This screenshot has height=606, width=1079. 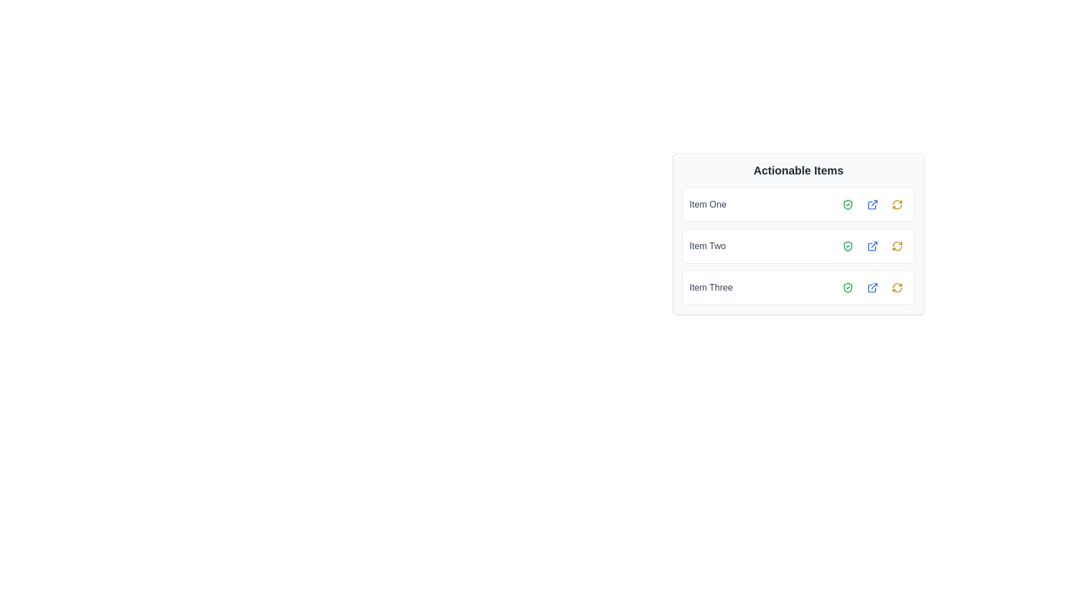 What do you see at coordinates (797, 205) in the screenshot?
I see `the interactive icons of the first item in the list, labeled 'Item One'` at bounding box center [797, 205].